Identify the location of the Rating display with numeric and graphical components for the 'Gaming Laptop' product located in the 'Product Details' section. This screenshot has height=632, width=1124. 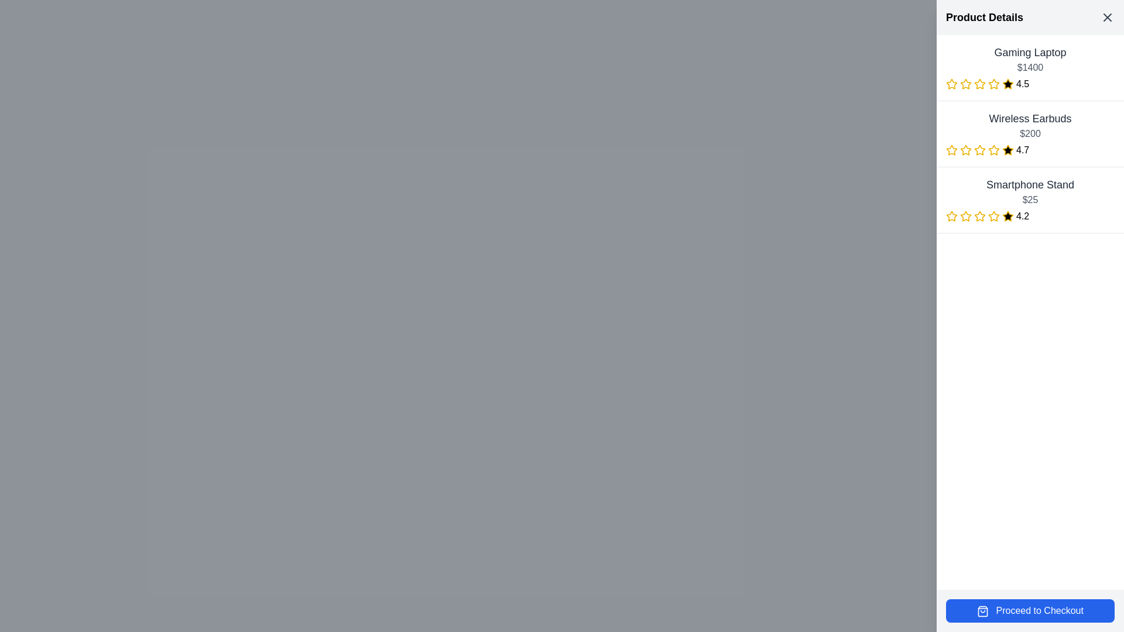
(1030, 83).